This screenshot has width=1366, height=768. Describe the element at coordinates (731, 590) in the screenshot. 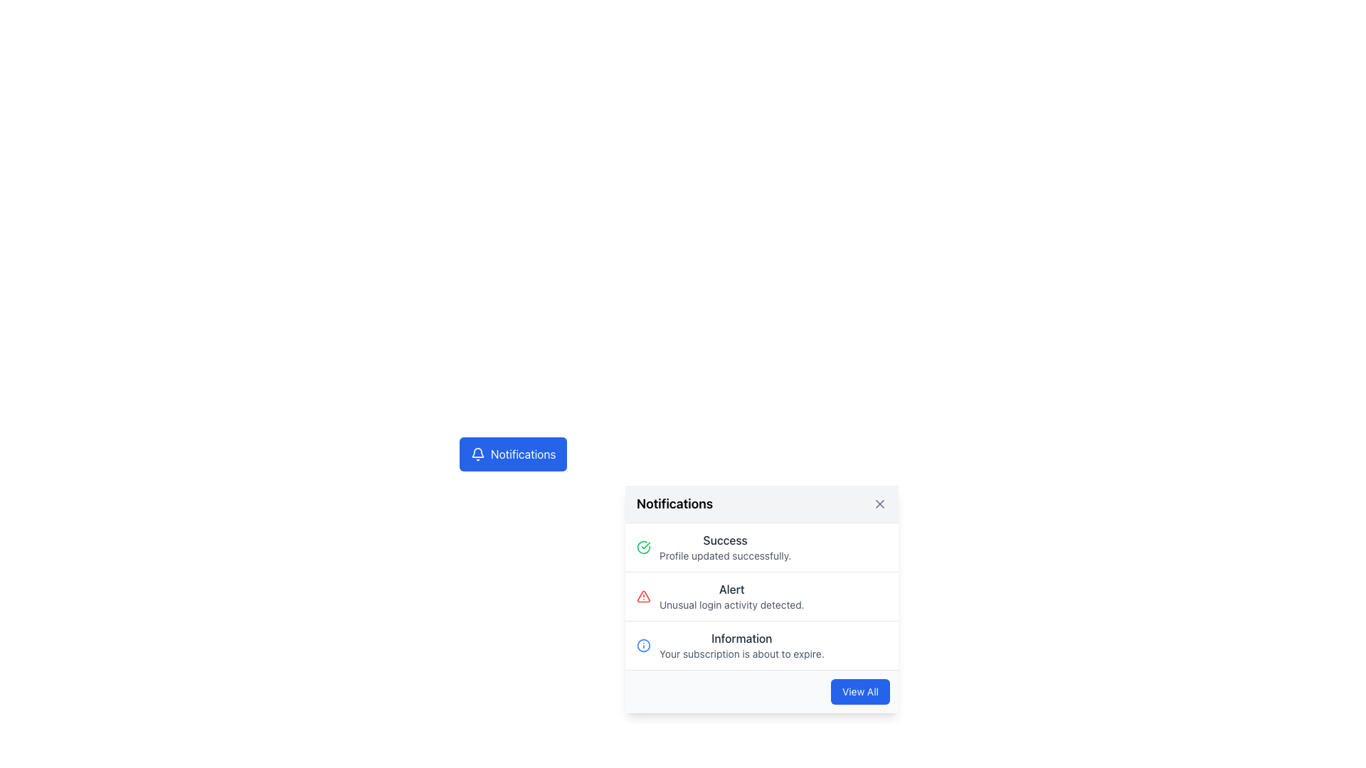

I see `the text label in the notifications panel that indicates an alert or warning, located under the 'Alert' section` at that location.